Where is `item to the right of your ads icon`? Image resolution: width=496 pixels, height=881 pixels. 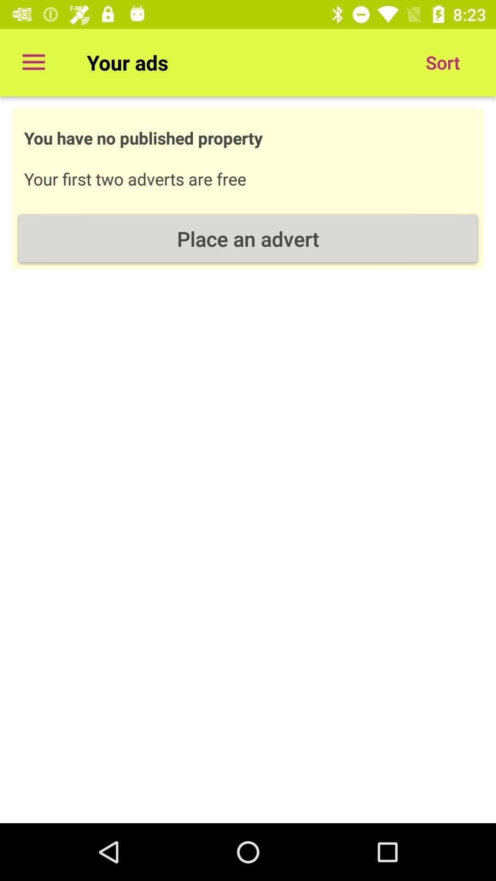
item to the right of your ads icon is located at coordinates (442, 62).